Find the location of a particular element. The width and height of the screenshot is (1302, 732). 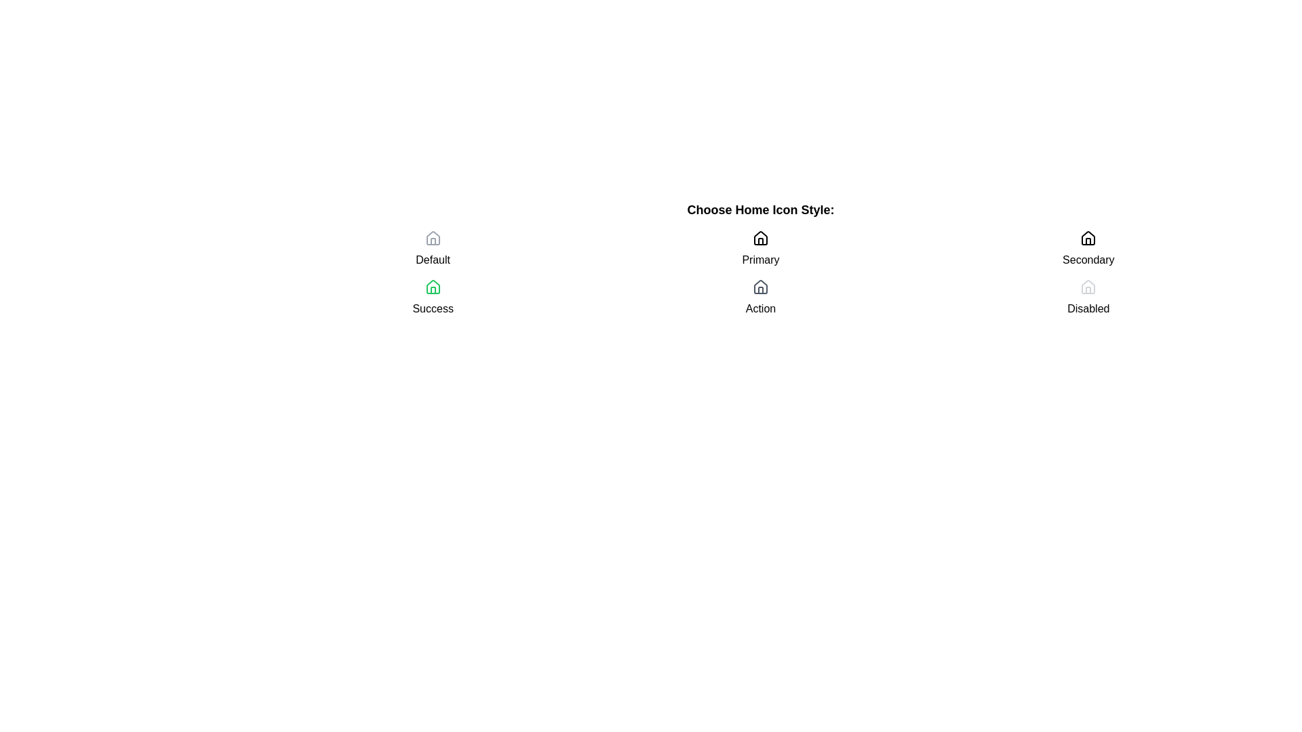

the house icon, which is styled in a modern line-art design and is the first element in the vertical arrangement labeled 'Primary' is located at coordinates (761, 237).